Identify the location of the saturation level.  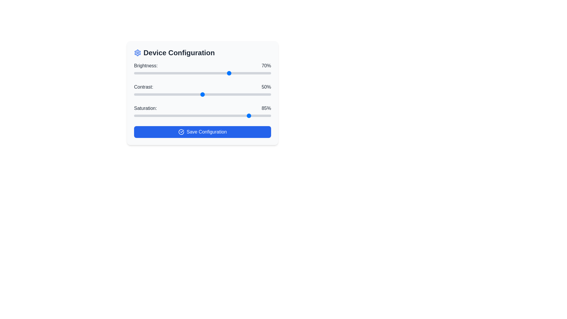
(263, 116).